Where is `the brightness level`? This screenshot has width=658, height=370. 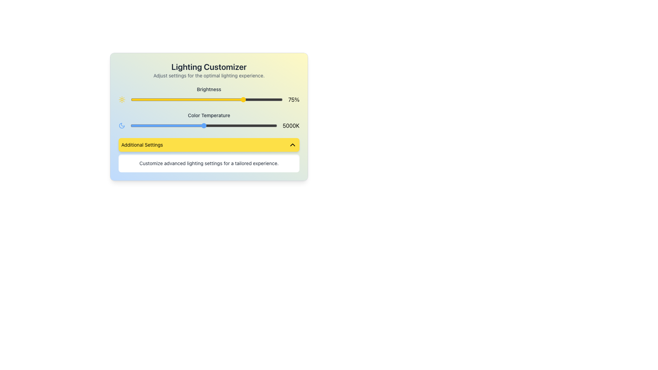
the brightness level is located at coordinates (200, 99).